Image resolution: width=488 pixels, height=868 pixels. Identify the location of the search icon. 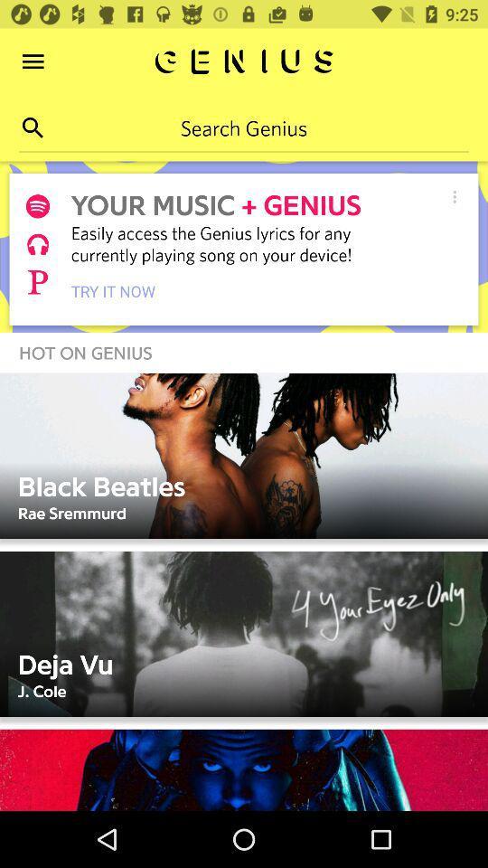
(33, 127).